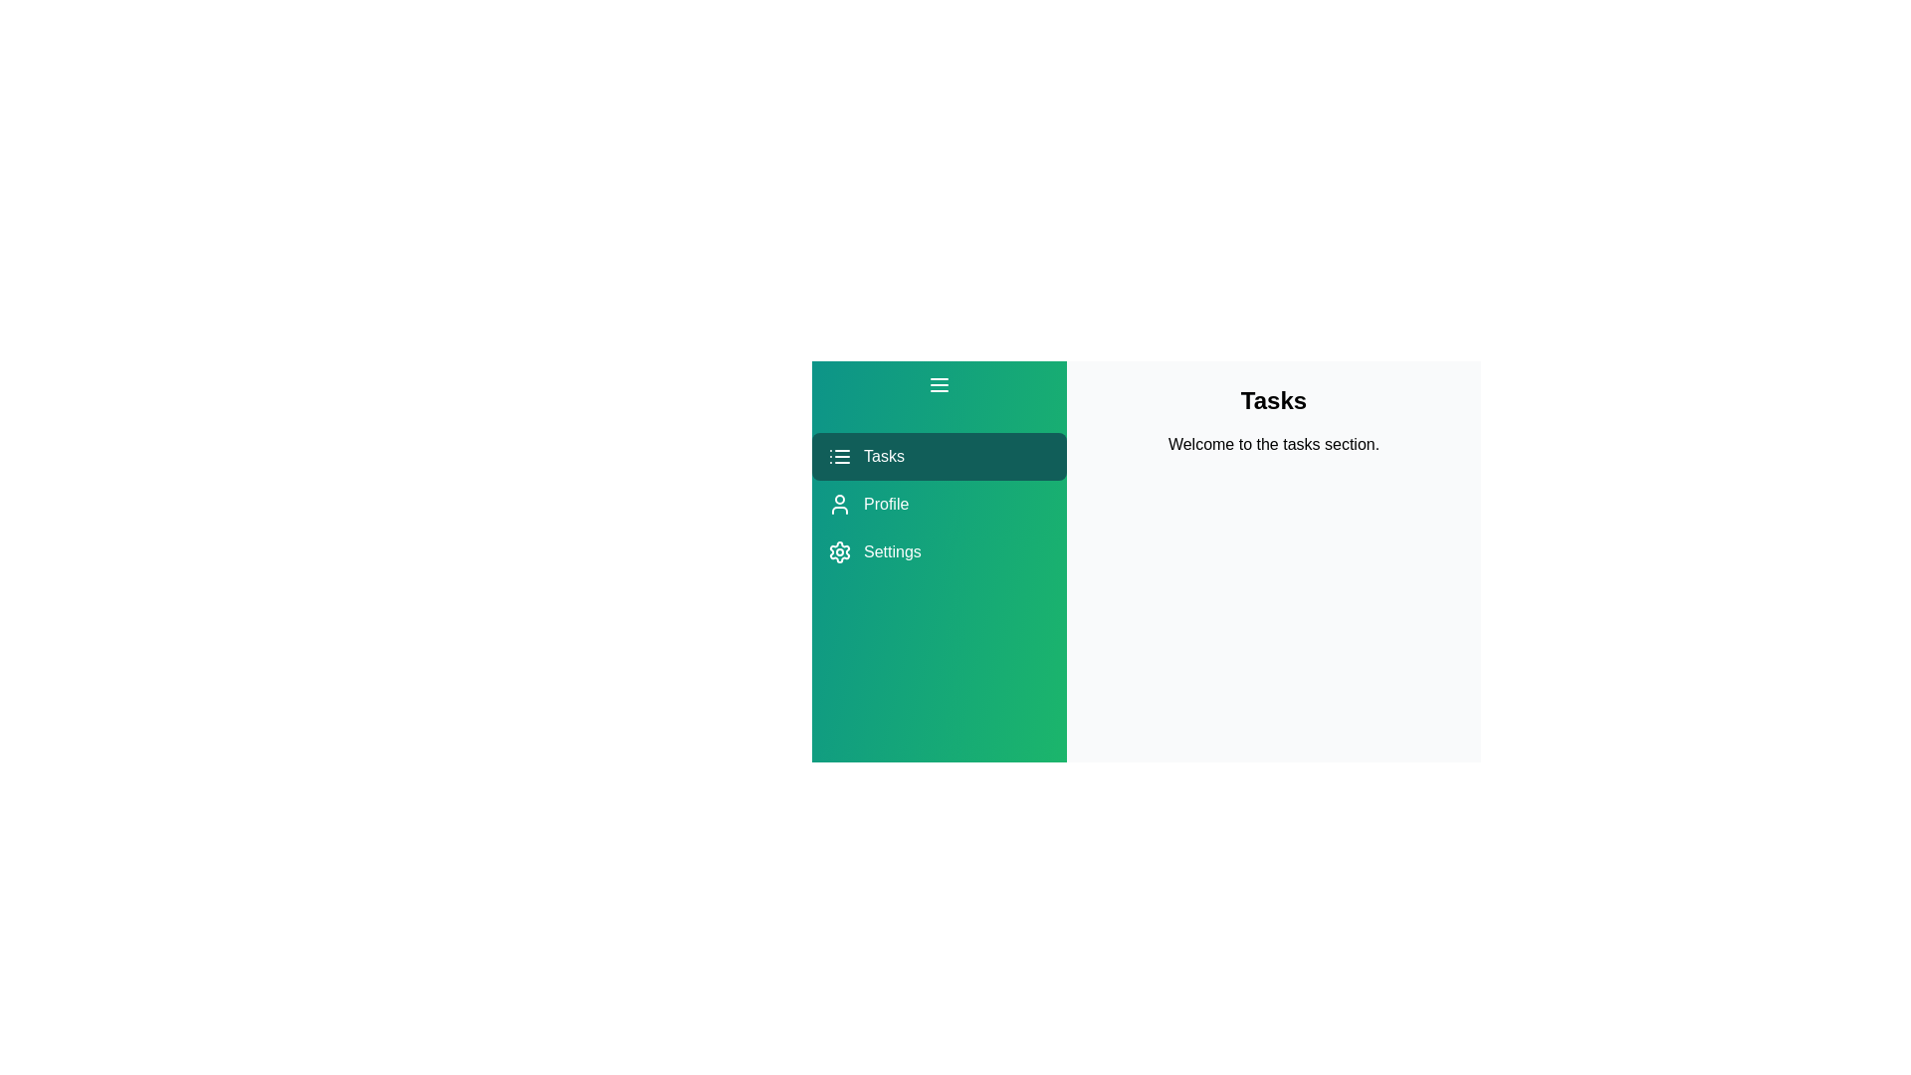 The width and height of the screenshot is (1911, 1075). I want to click on the Tasks section from the menu, so click(939, 457).